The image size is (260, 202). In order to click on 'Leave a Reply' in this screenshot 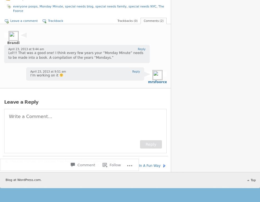, I will do `click(21, 102)`.